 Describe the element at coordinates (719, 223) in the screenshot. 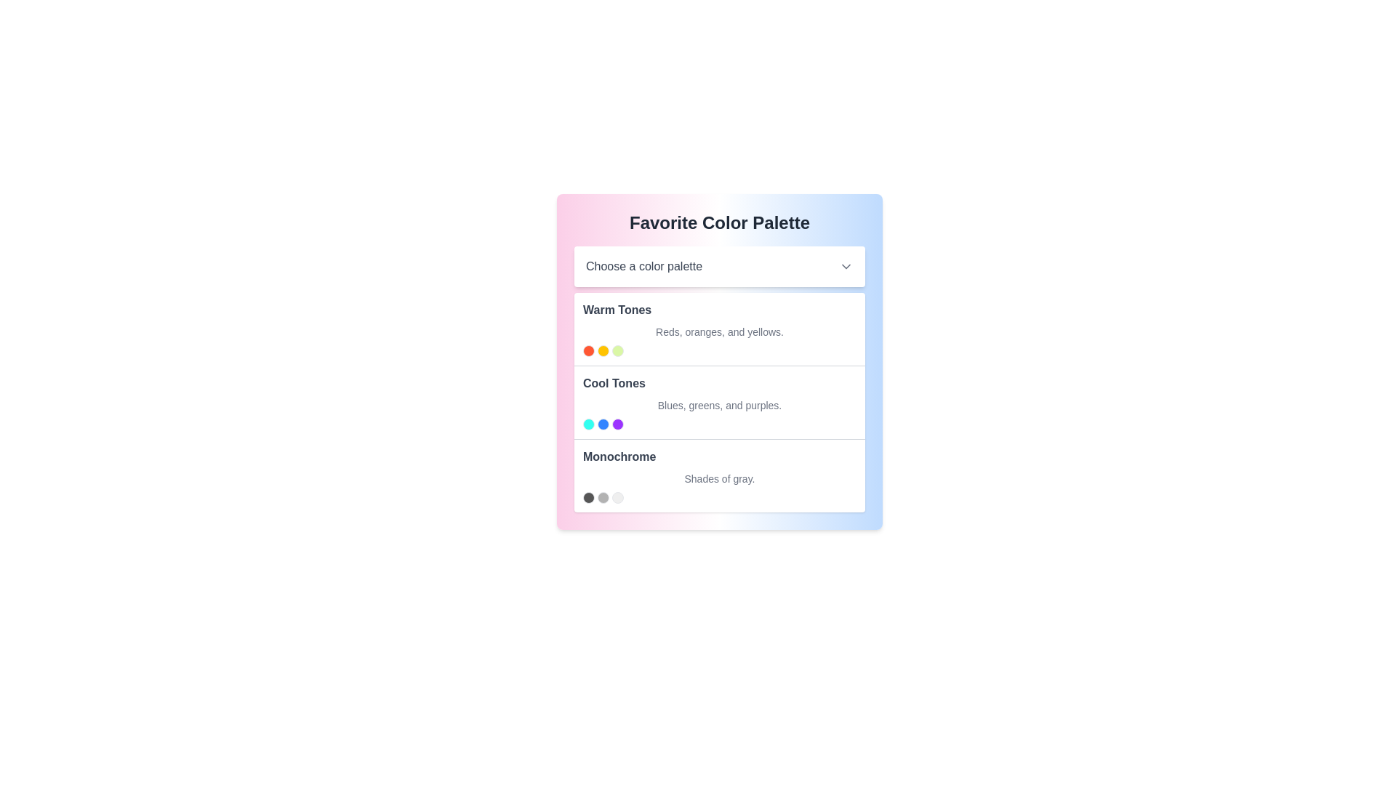

I see `the bold title text 'Favorite Color Palette'` at that location.